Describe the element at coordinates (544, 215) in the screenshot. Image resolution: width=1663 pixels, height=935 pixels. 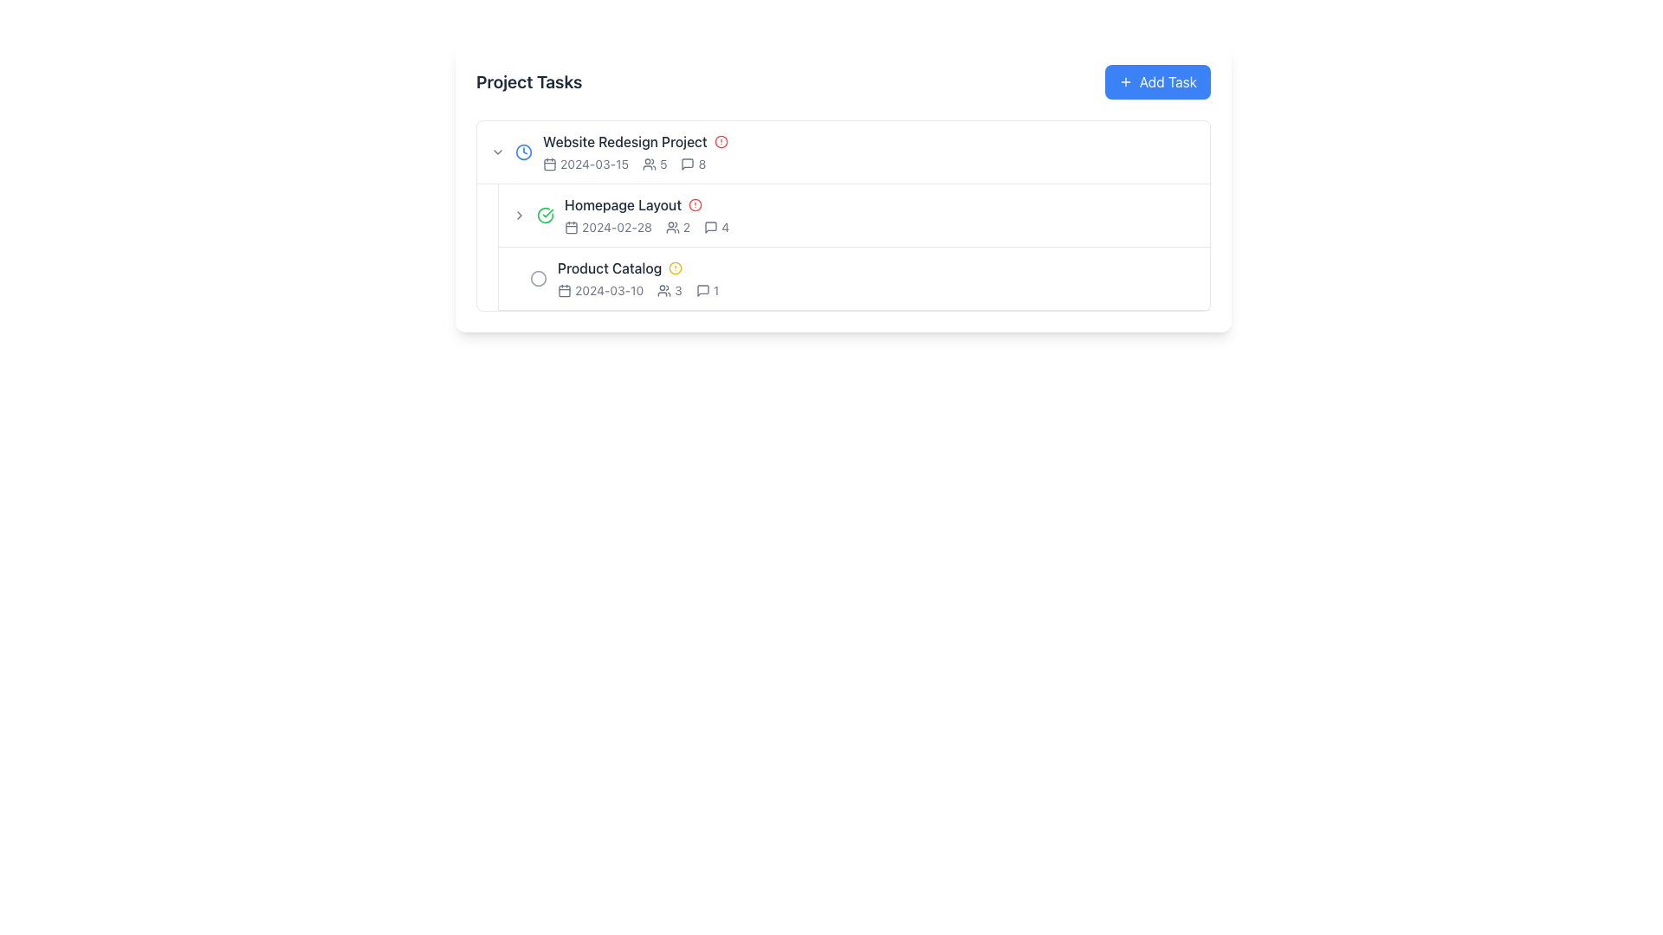
I see `the completion icon (SVG) located to the left of the task title text in the 'Homepage Layout' row` at that location.